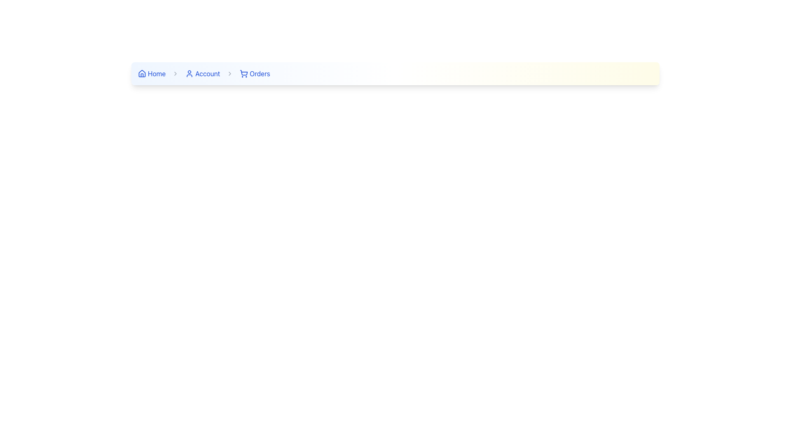 The width and height of the screenshot is (791, 445). I want to click on on the 'Home' text label in the breadcrumb navigation bar, so click(157, 73).